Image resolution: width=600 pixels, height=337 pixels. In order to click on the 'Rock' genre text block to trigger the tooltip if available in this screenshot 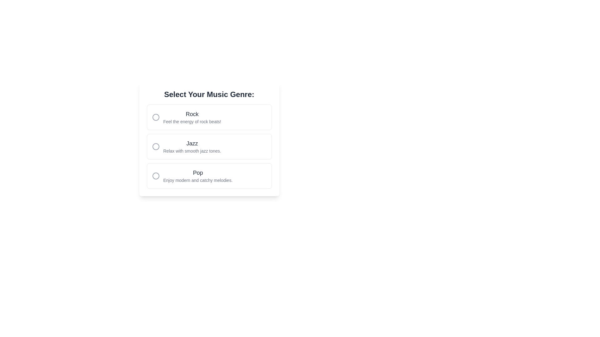, I will do `click(192, 117)`.